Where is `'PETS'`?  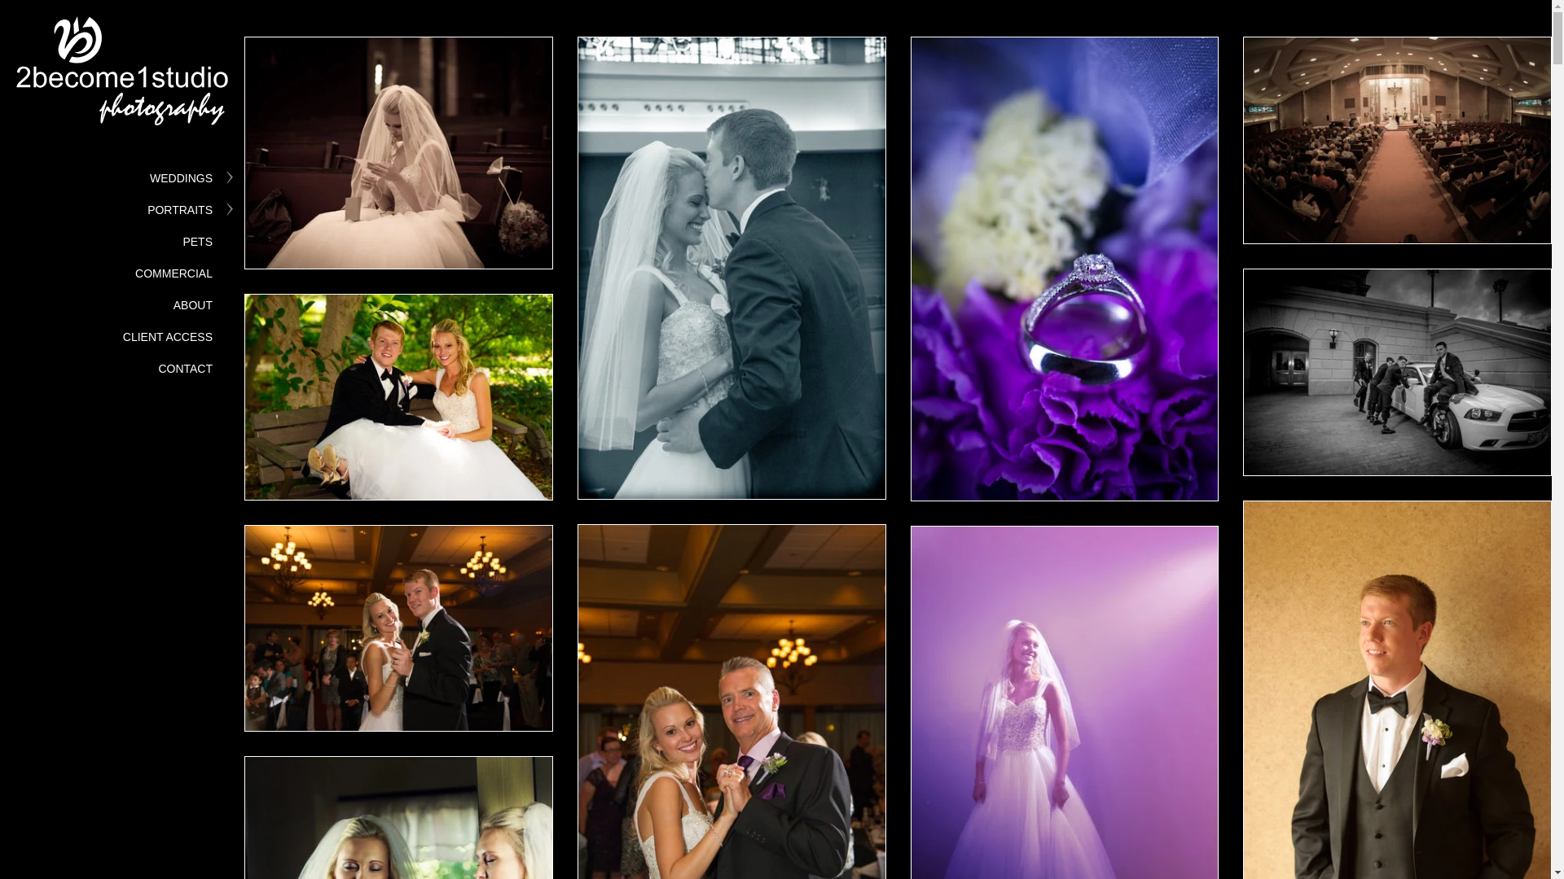 'PETS' is located at coordinates (196, 242).